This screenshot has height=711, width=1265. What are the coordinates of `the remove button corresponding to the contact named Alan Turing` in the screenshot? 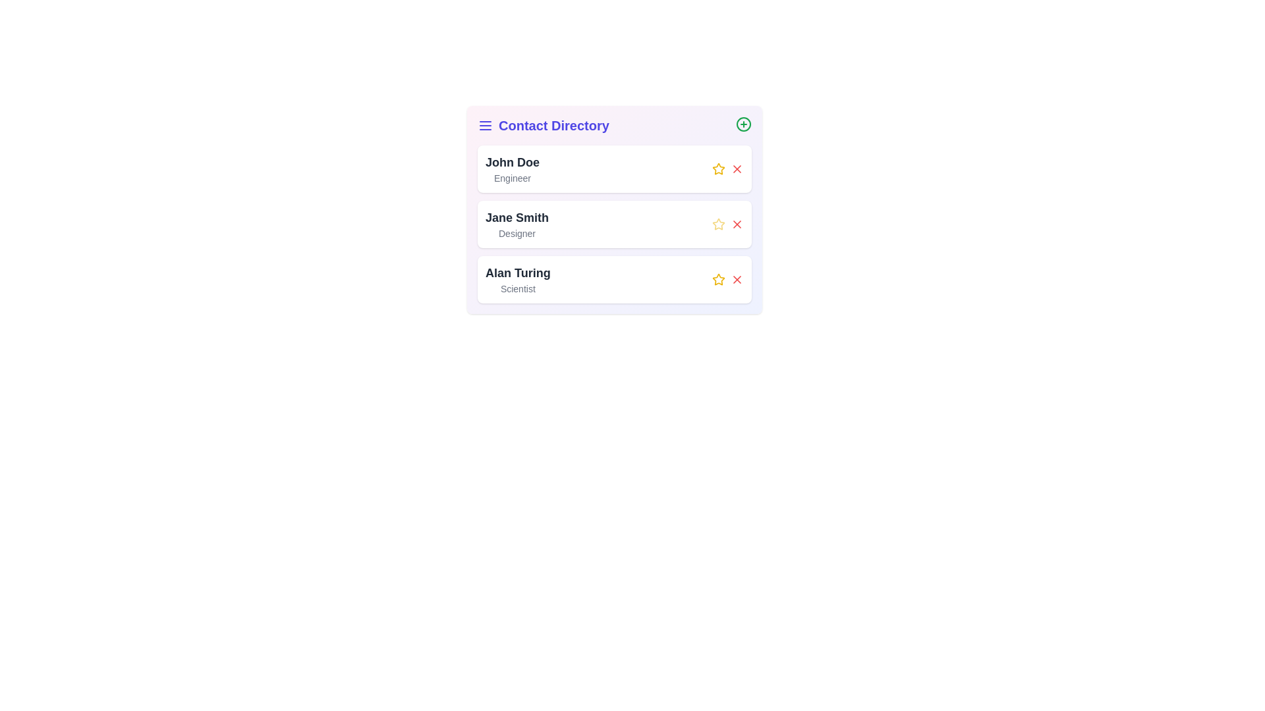 It's located at (736, 278).